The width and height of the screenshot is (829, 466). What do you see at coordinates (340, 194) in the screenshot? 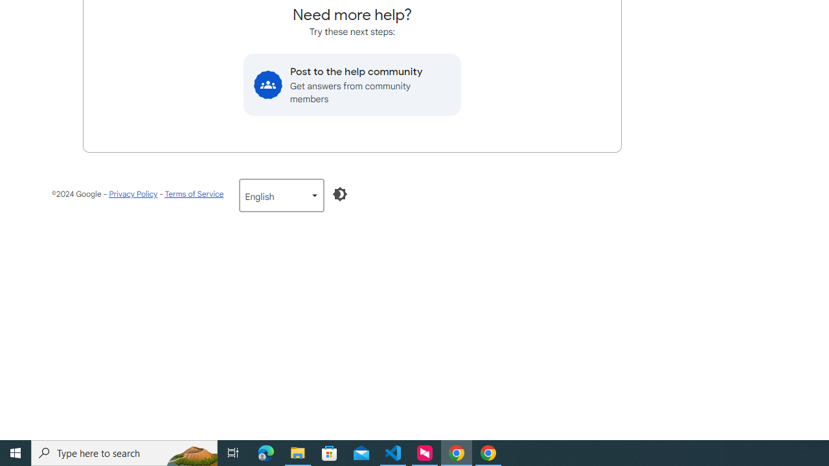
I see `'Enable Dark Mode'` at bounding box center [340, 194].